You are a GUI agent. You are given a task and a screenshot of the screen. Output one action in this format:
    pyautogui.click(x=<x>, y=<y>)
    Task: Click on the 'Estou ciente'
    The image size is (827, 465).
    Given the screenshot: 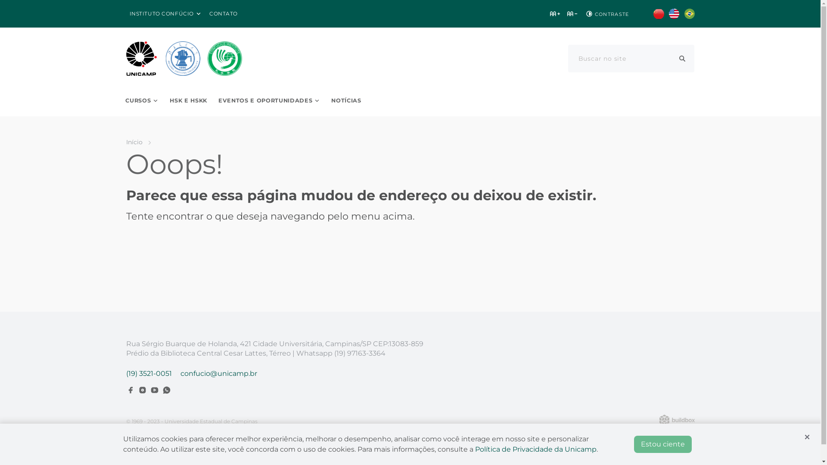 What is the action you would take?
    pyautogui.click(x=662, y=444)
    